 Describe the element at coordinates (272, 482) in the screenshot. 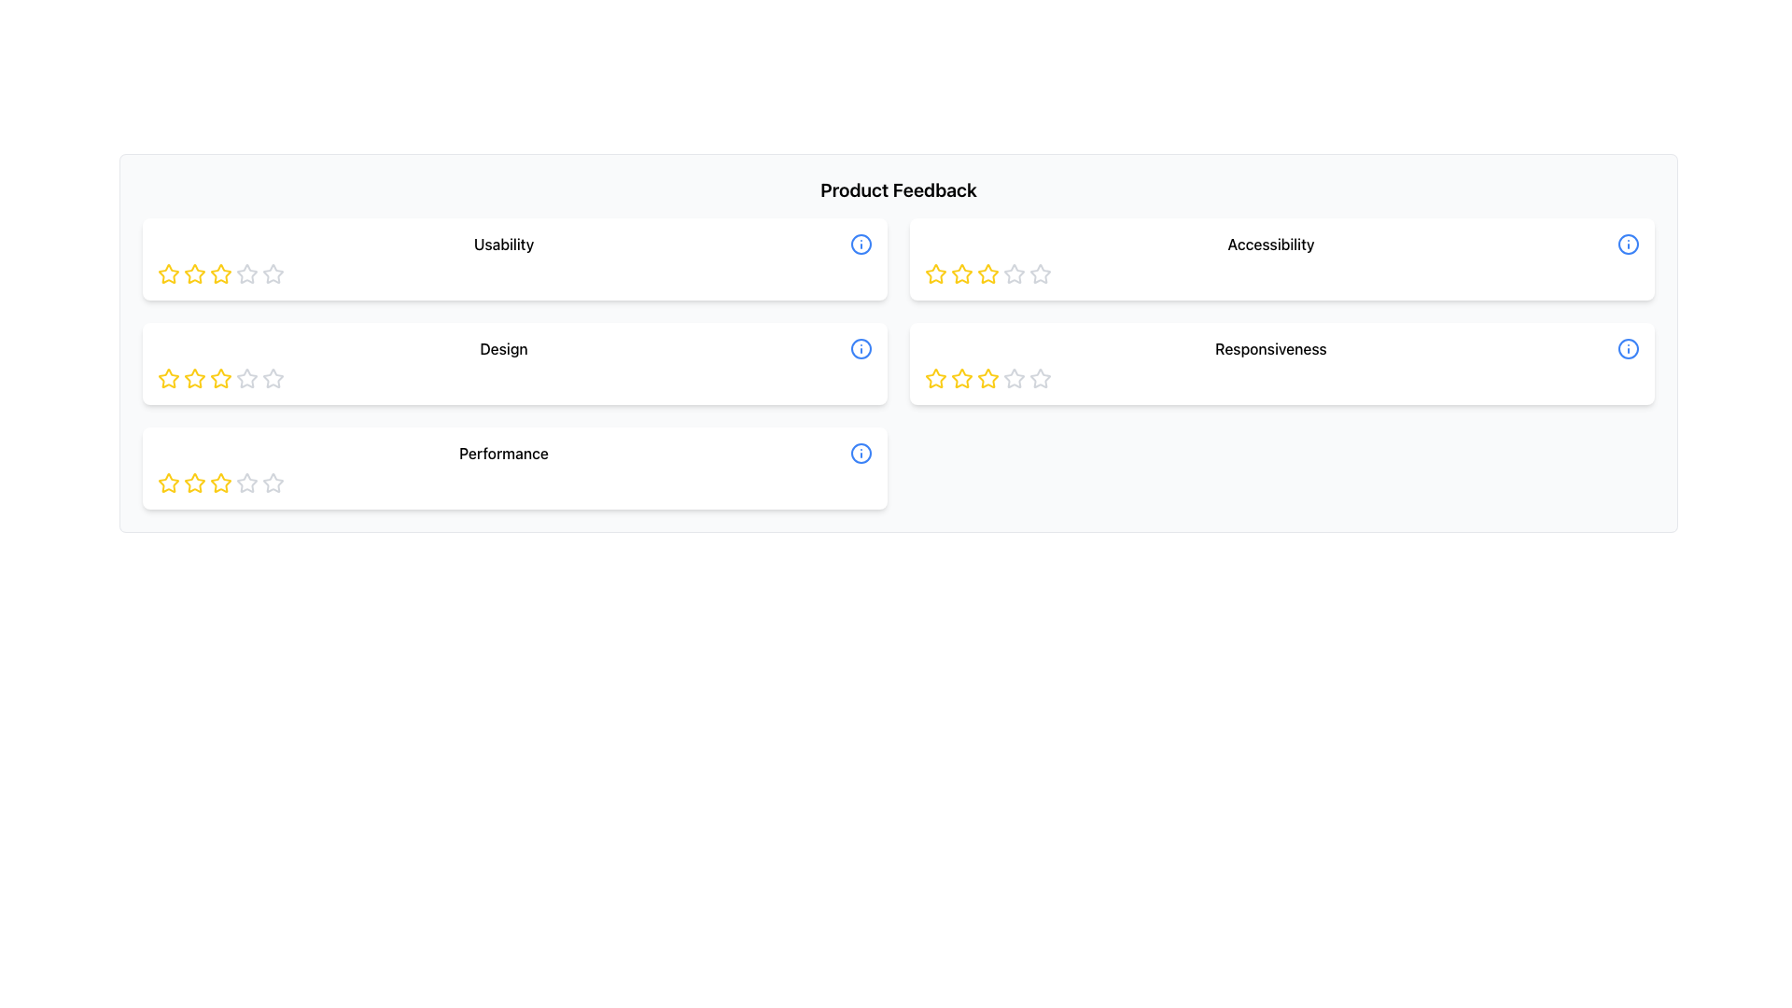

I see `the fourth star-shaped rating button, located under the 'Performance' category` at that location.